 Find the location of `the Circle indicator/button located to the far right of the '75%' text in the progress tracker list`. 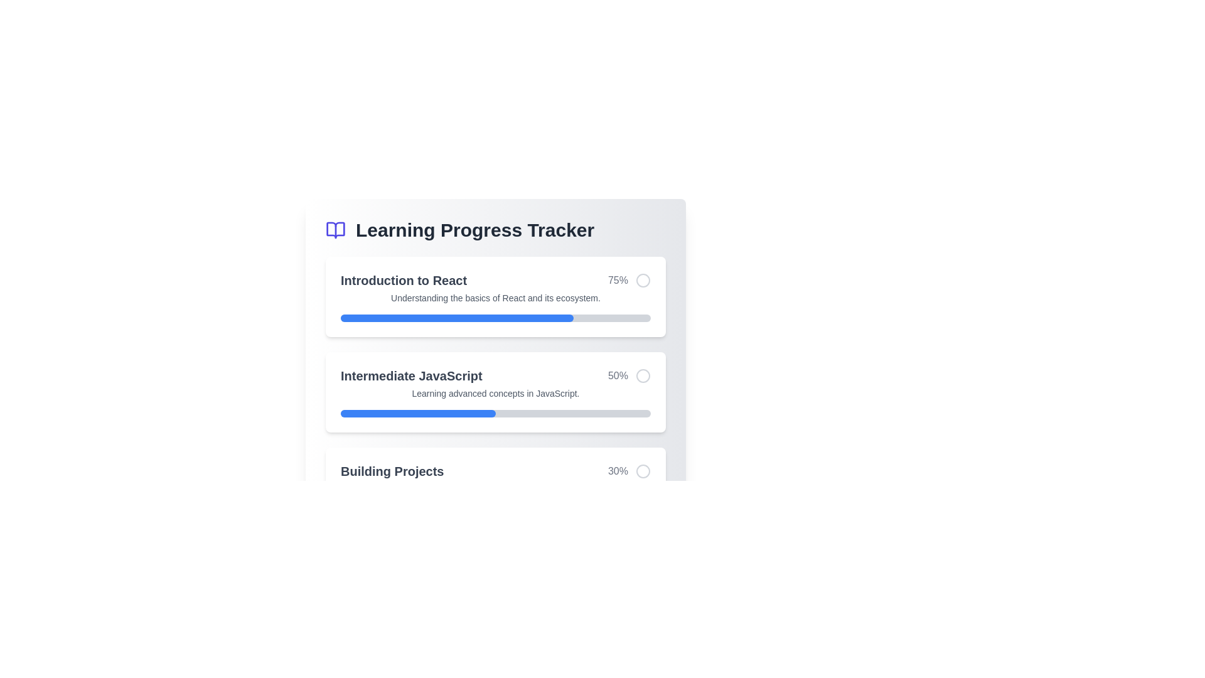

the Circle indicator/button located to the far right of the '75%' text in the progress tracker list is located at coordinates (643, 280).